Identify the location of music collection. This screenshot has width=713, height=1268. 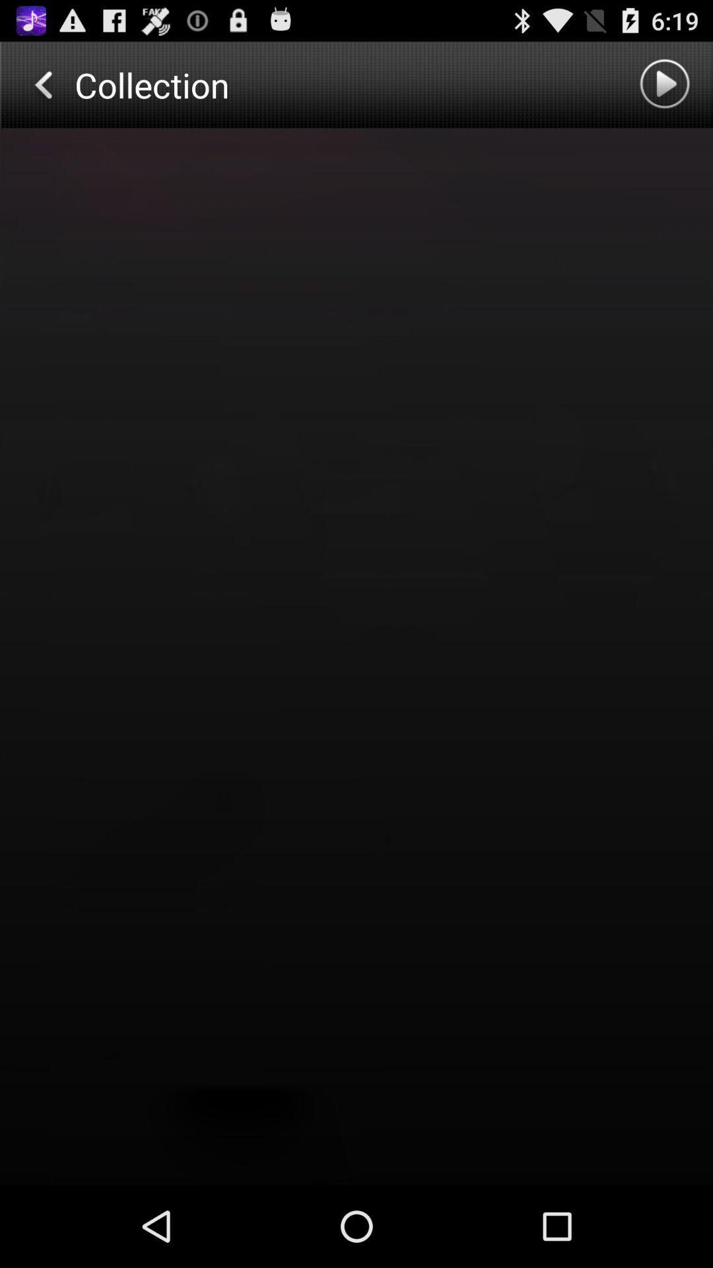
(666, 84).